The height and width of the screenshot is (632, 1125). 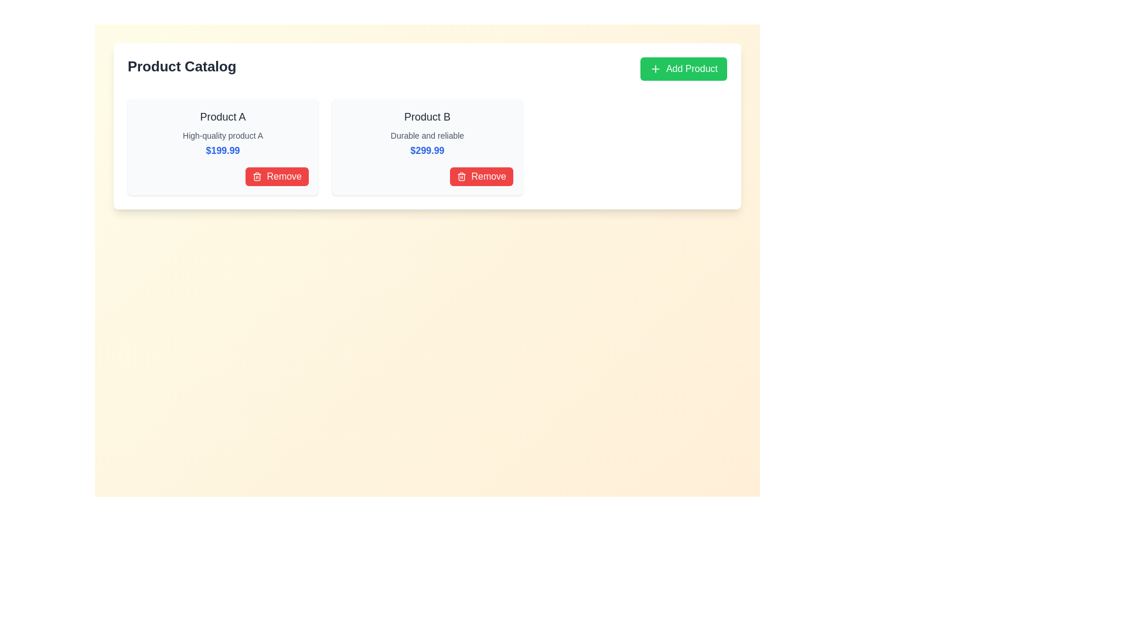 I want to click on the red button with rounded edges labeled 'Remove' that is located on the right side of the card for 'Product B' in the 'Product Catalog' section, so click(x=482, y=176).